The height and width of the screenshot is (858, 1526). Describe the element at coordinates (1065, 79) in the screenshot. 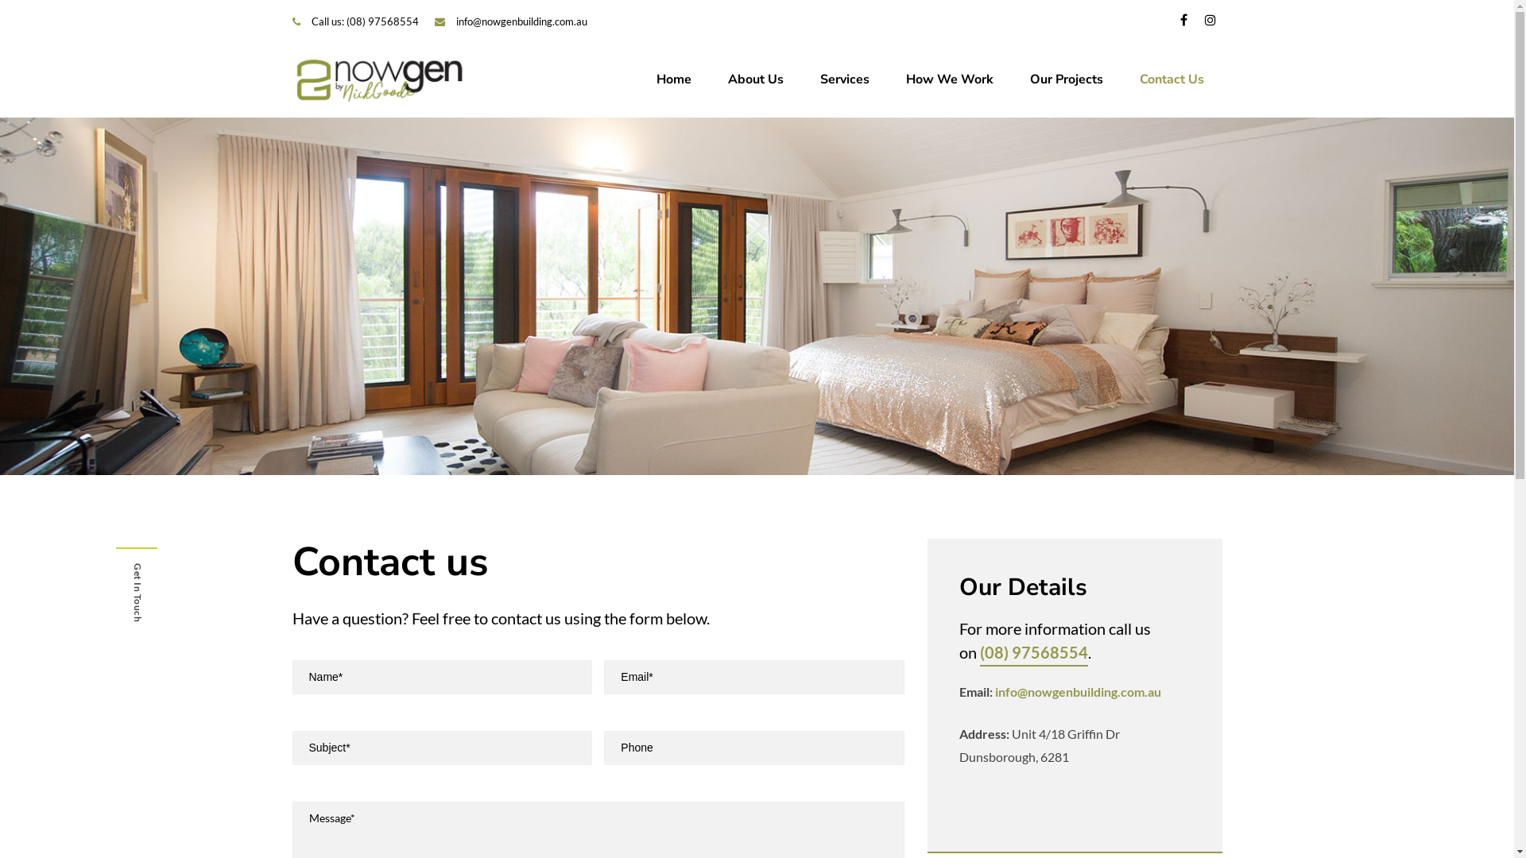

I see `'Our Projects'` at that location.